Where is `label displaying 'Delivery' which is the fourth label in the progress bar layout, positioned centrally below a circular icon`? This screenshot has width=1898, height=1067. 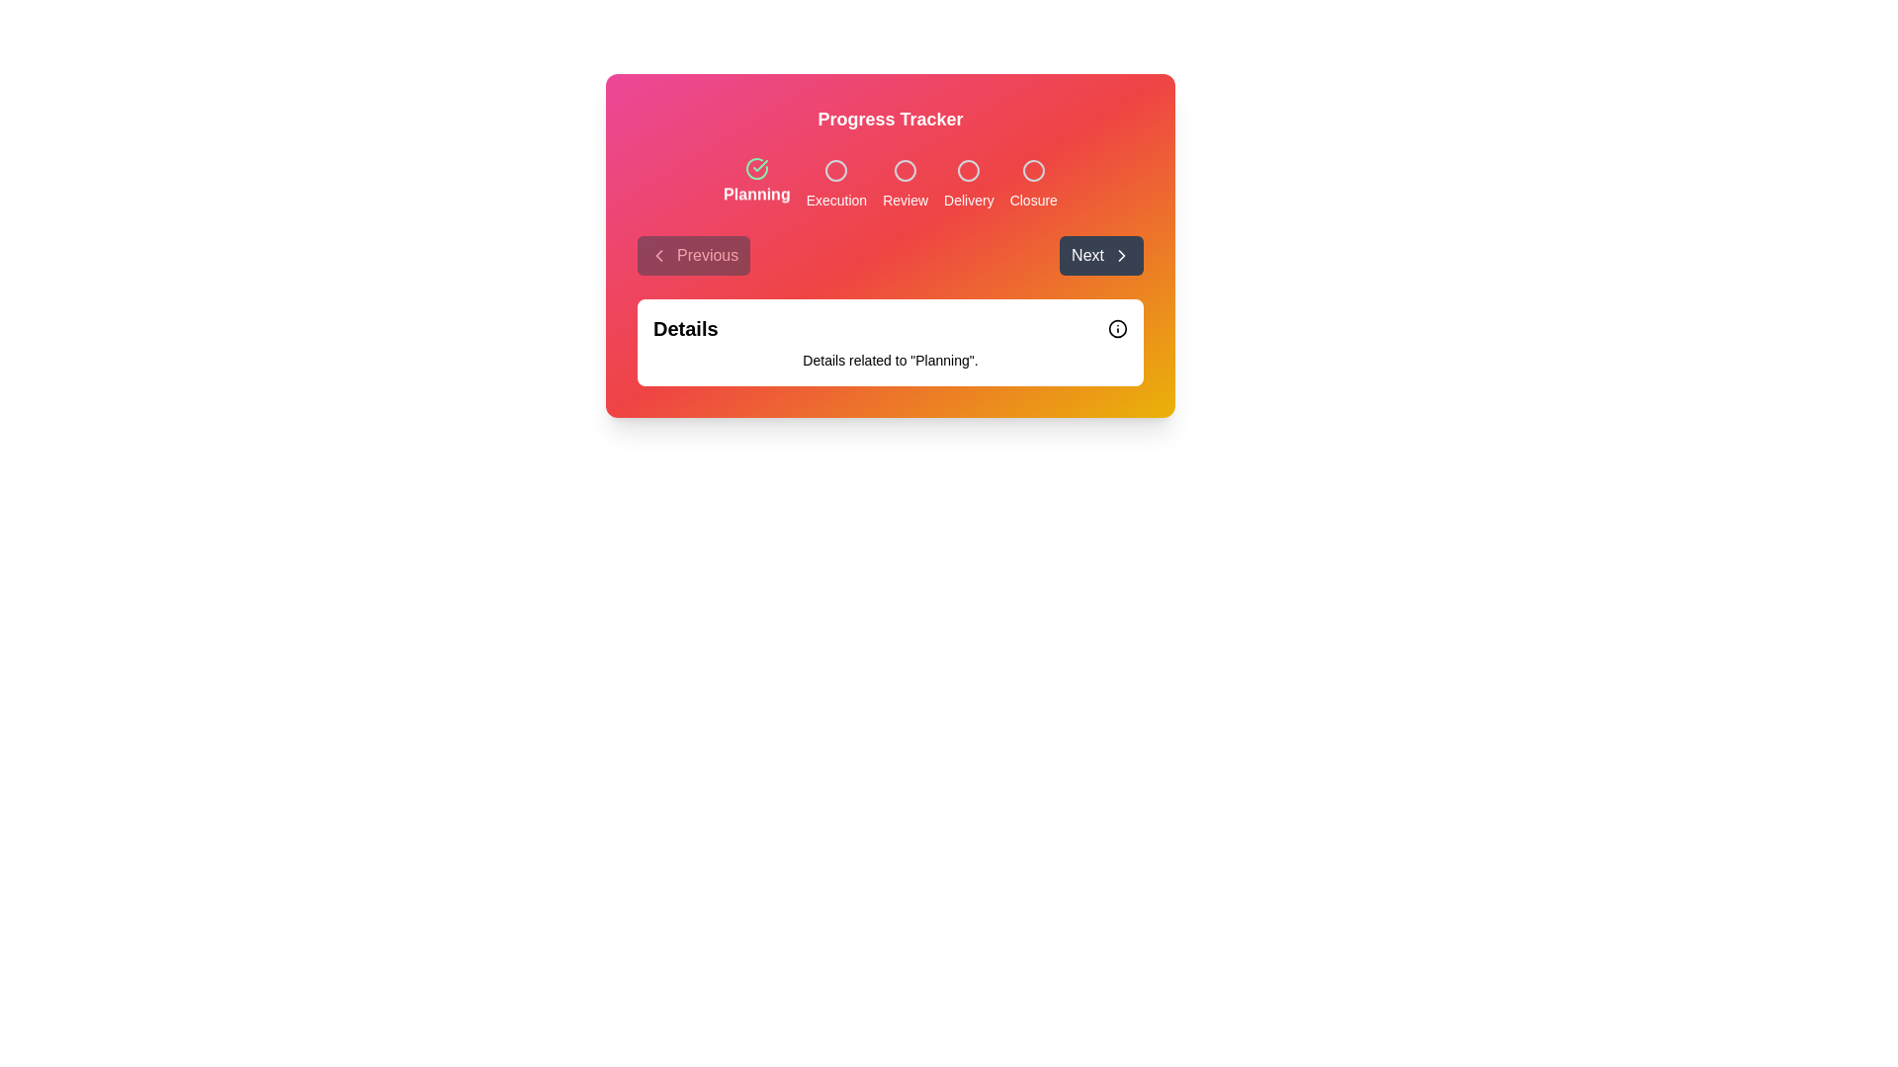
label displaying 'Delivery' which is the fourth label in the progress bar layout, positioned centrally below a circular icon is located at coordinates (969, 184).